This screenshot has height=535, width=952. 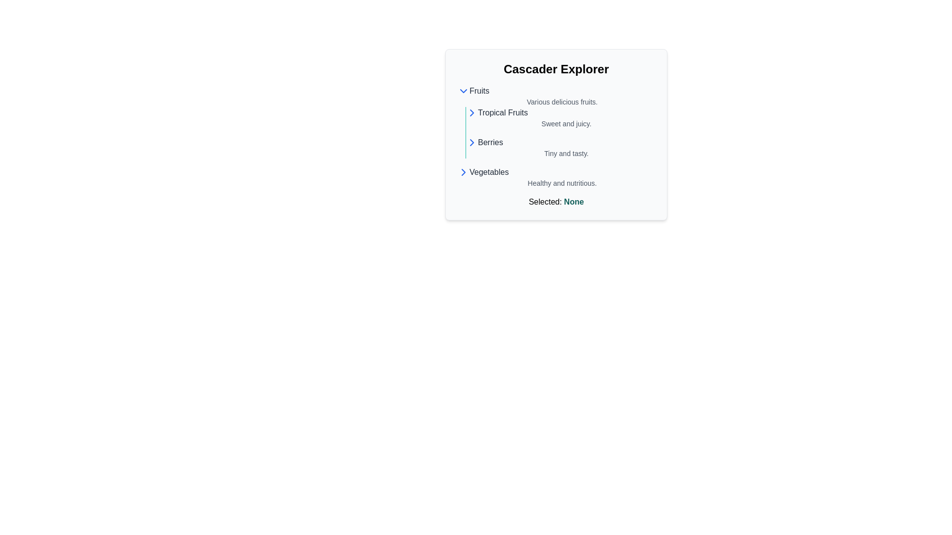 I want to click on the blue rightward chevron icon button located directly to the left of the text 'Berries' within the 'Cascader Explorer' navigation panel, so click(x=471, y=143).